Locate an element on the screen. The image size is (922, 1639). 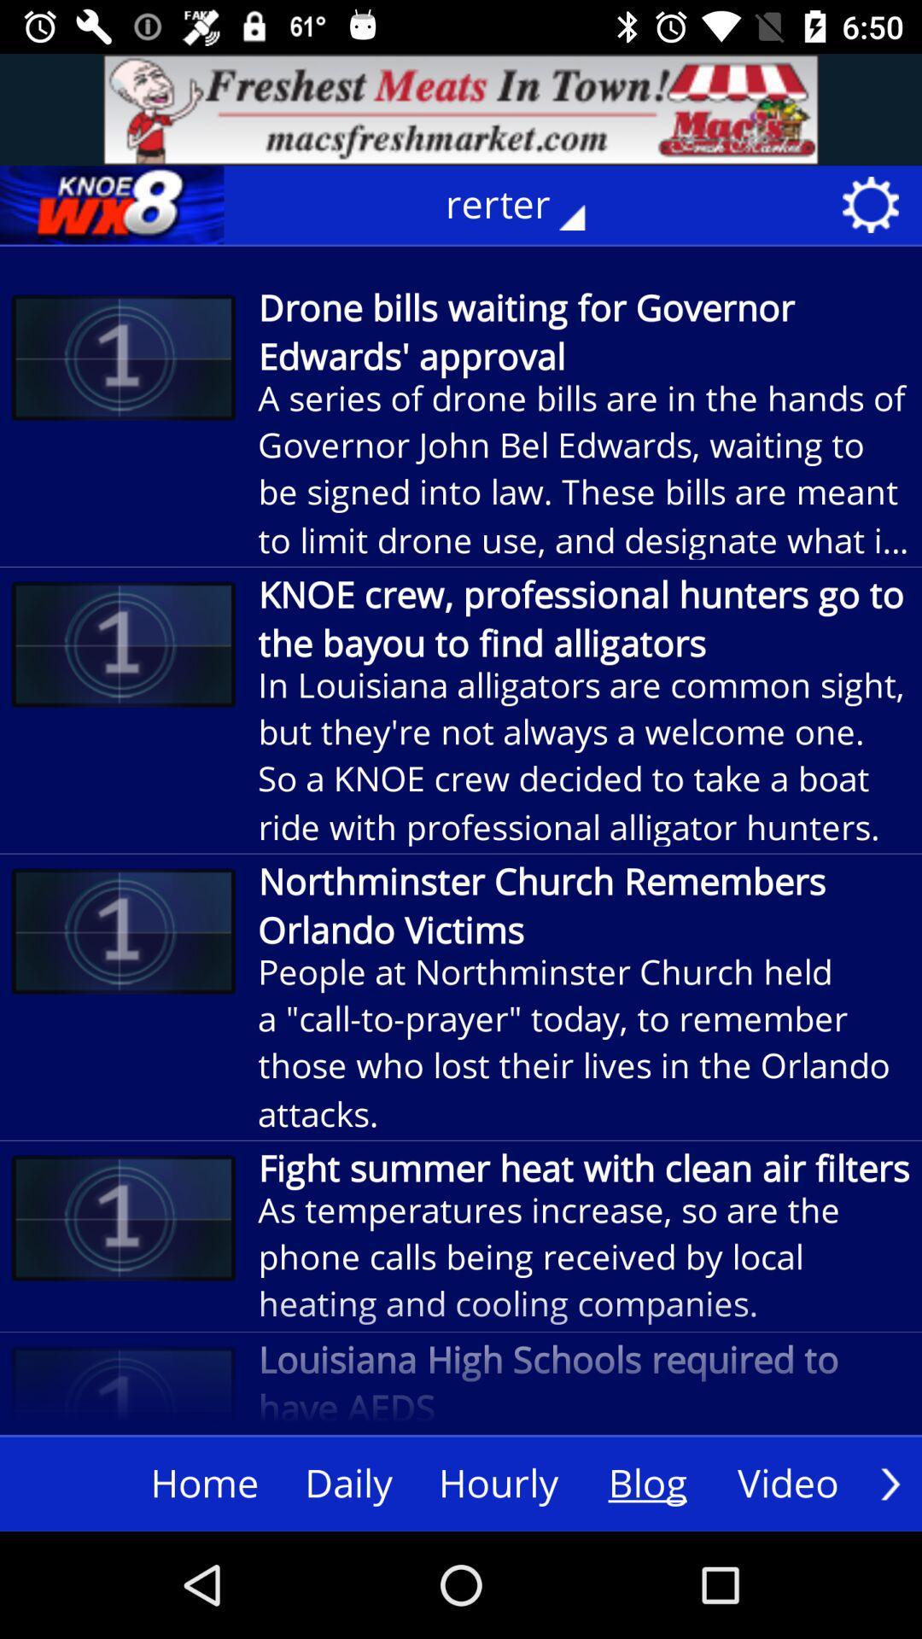
additional options button is located at coordinates (890, 1483).